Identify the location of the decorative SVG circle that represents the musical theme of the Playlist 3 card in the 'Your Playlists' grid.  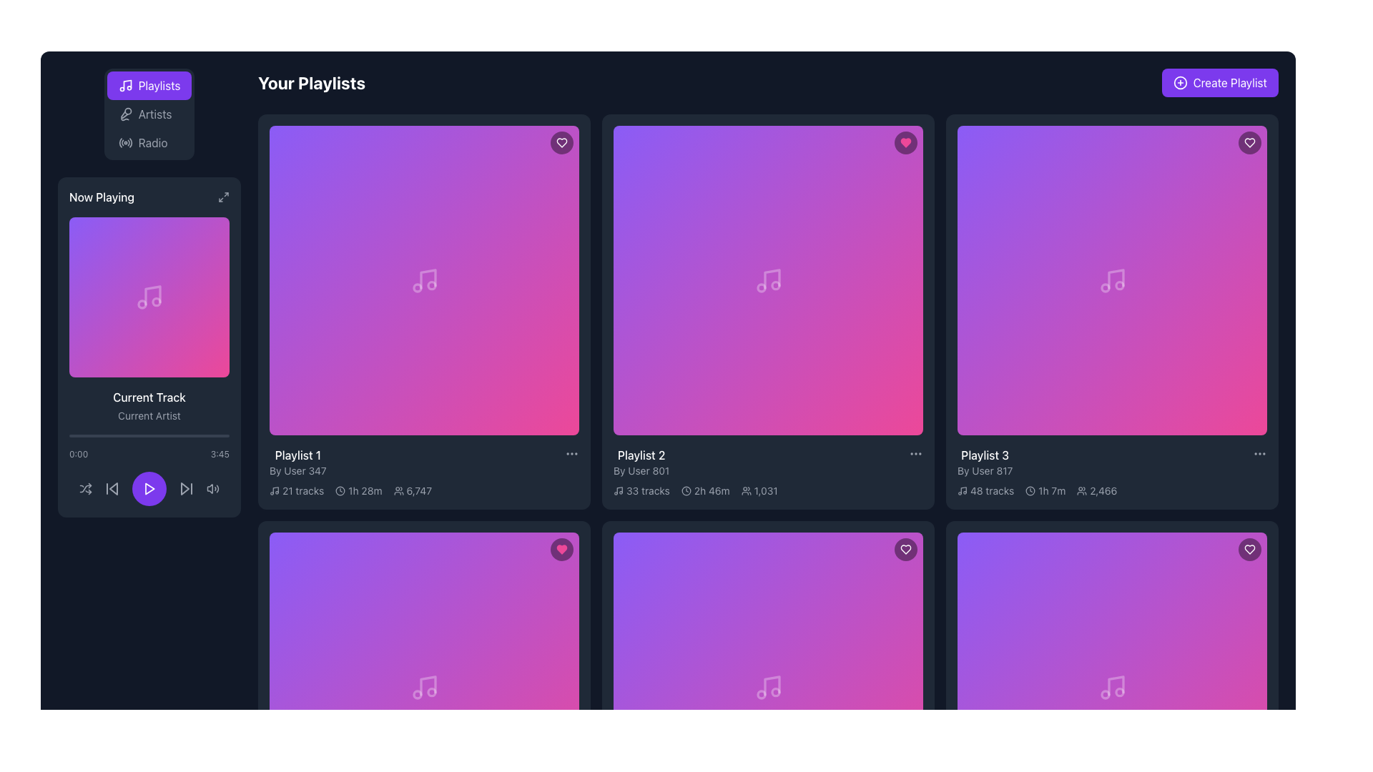
(1104, 287).